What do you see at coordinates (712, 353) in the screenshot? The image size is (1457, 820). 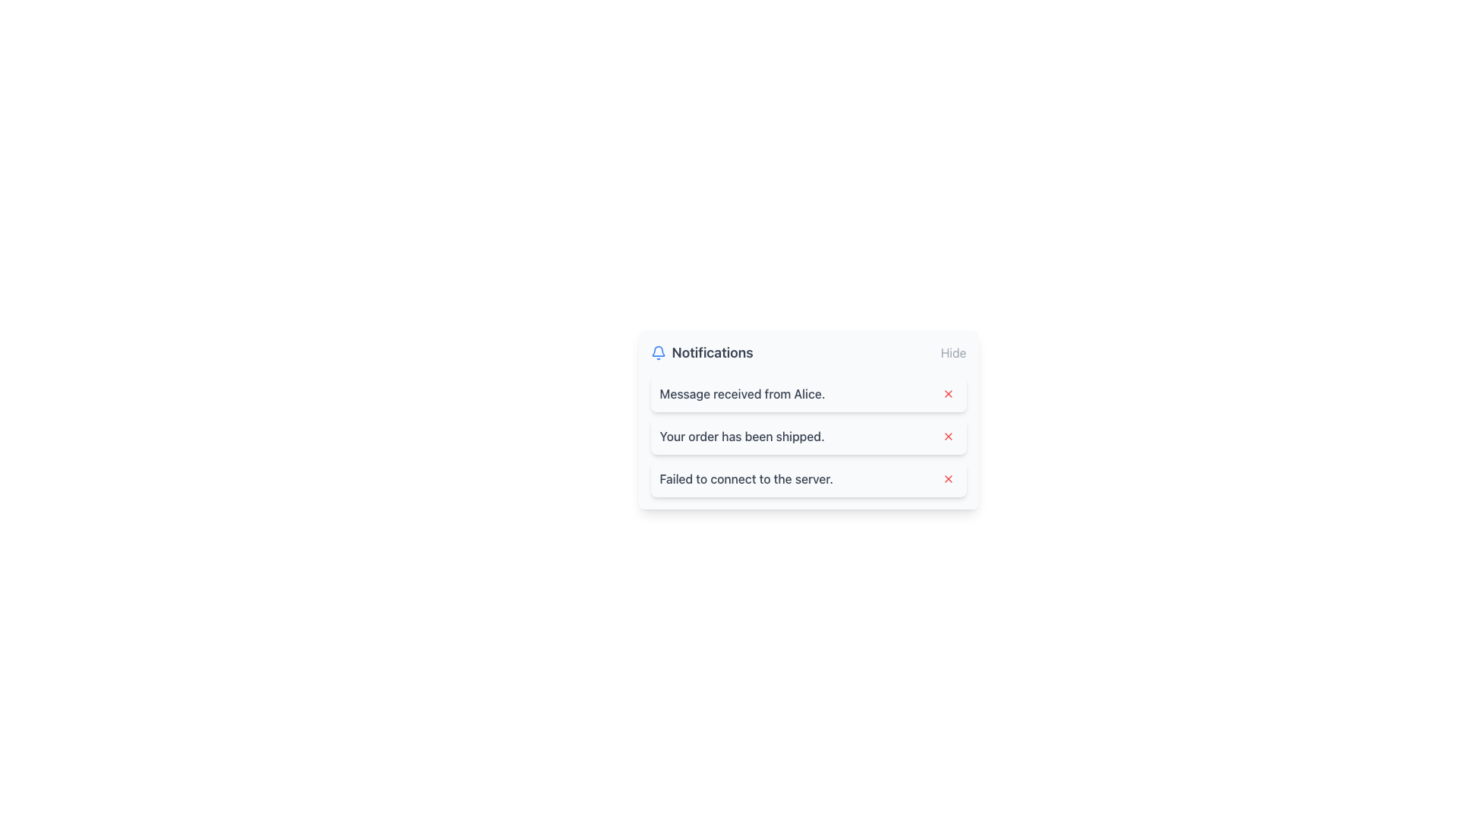 I see `the 'Notifications' text label, which is a bold label in dark gray color on a light background, positioned prominently and aligned with other elements in the same row` at bounding box center [712, 353].